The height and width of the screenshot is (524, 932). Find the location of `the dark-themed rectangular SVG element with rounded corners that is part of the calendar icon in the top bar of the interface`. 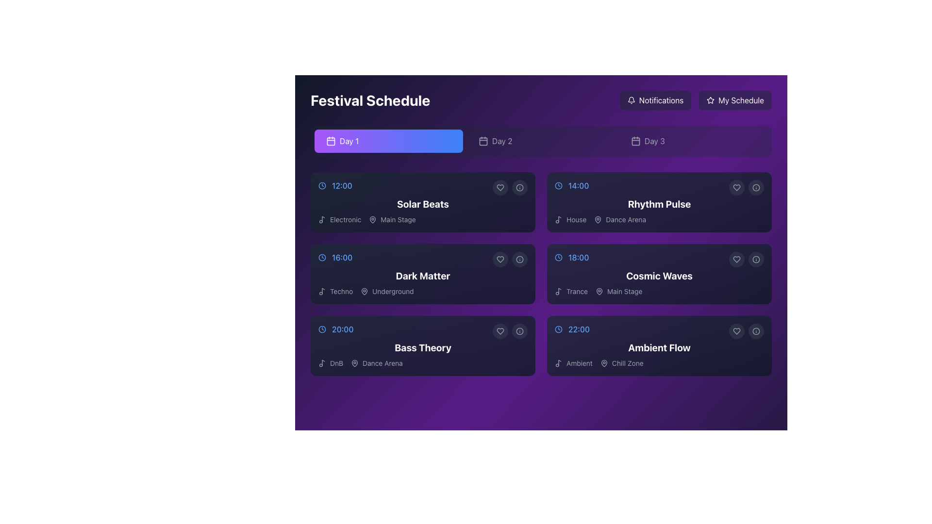

the dark-themed rectangular SVG element with rounded corners that is part of the calendar icon in the top bar of the interface is located at coordinates (483, 141).